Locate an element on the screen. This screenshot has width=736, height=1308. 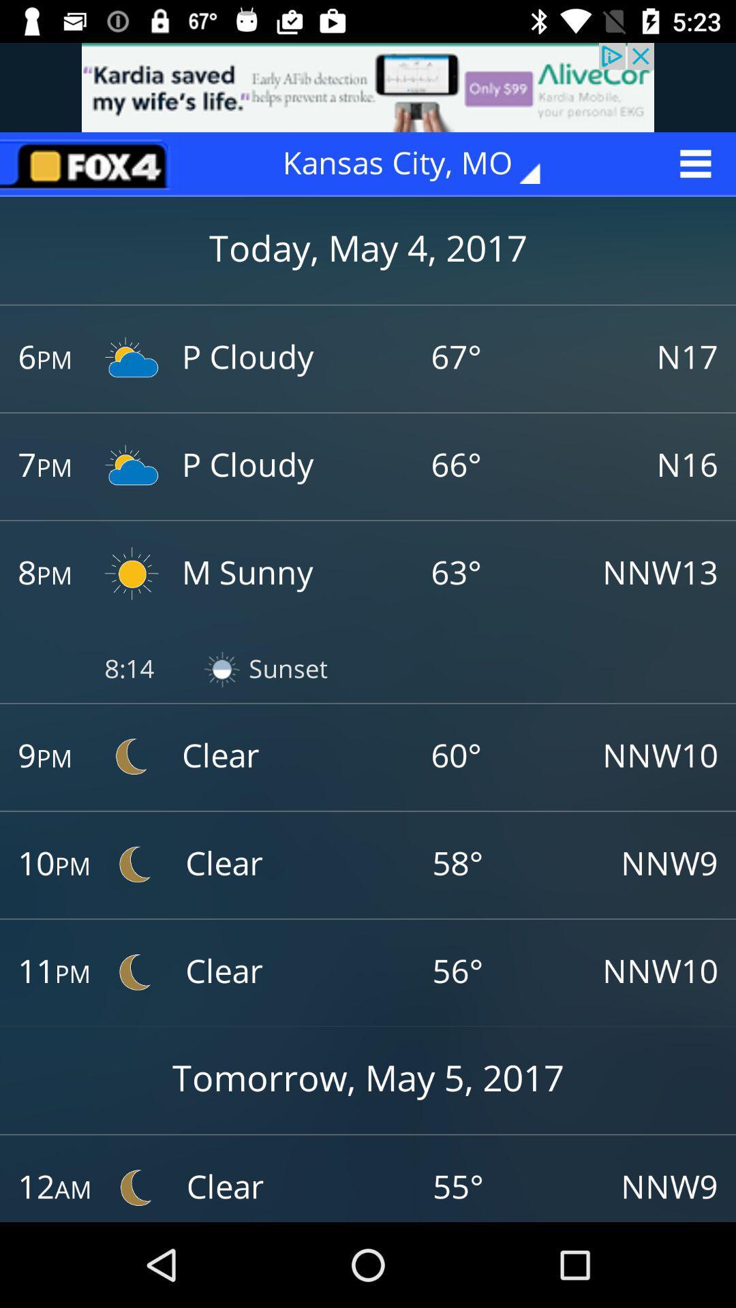
the main app screen is located at coordinates (89, 163).